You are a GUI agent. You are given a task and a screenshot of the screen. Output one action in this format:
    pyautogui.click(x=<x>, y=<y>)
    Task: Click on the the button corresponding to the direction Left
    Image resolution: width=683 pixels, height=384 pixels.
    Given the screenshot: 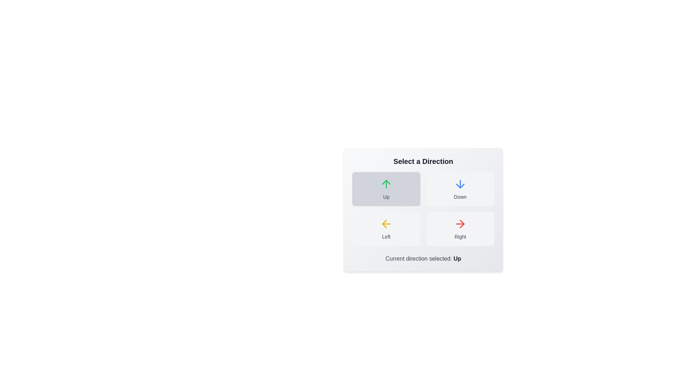 What is the action you would take?
    pyautogui.click(x=386, y=229)
    